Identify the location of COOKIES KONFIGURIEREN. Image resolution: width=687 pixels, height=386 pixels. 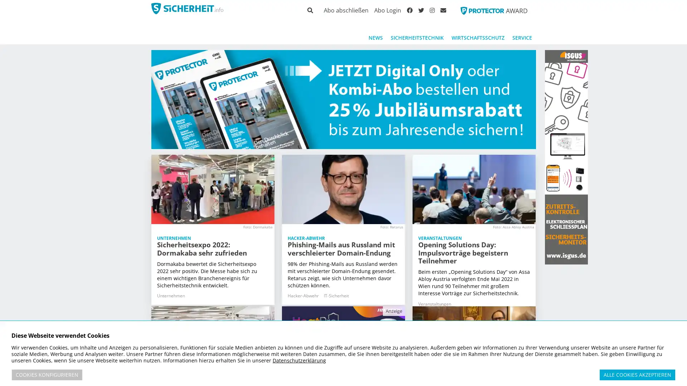
(47, 375).